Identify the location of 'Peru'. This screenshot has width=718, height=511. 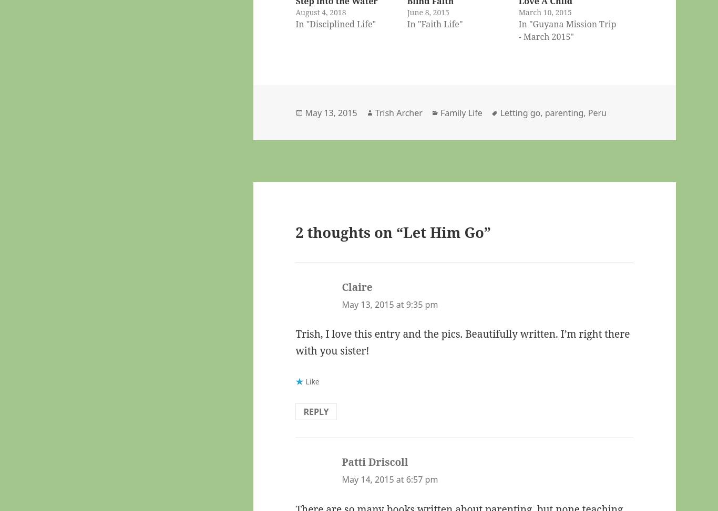
(596, 111).